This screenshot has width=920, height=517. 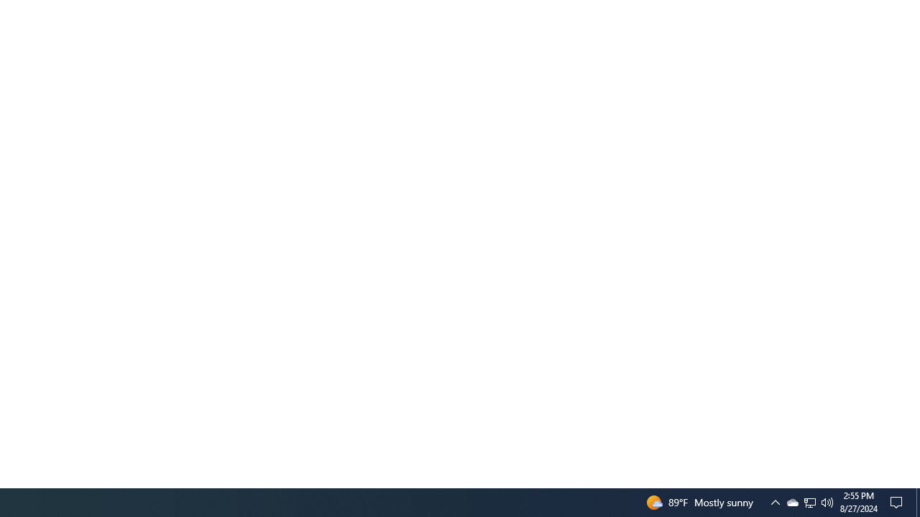 I want to click on 'Q2790: 100%', so click(x=827, y=501).